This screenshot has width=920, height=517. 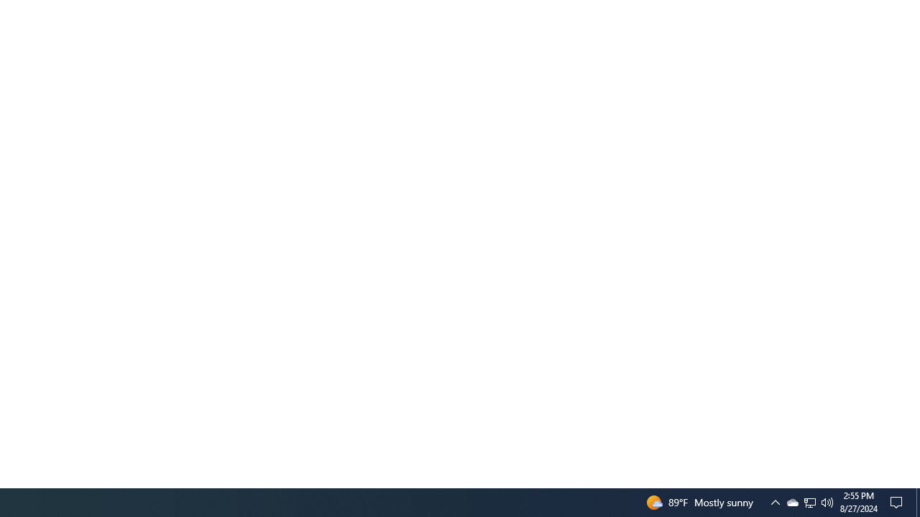 I want to click on 'Q2790: 100%', so click(x=827, y=501).